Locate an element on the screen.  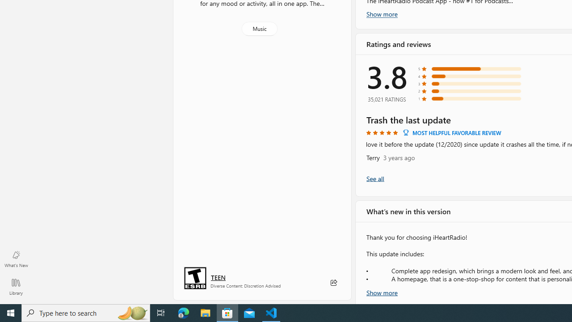
'Share' is located at coordinates (333, 283).